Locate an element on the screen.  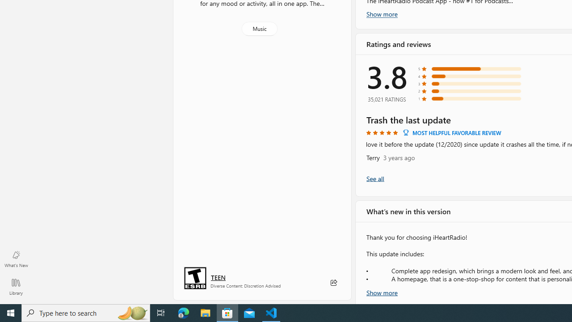
'Share' is located at coordinates (333, 283).